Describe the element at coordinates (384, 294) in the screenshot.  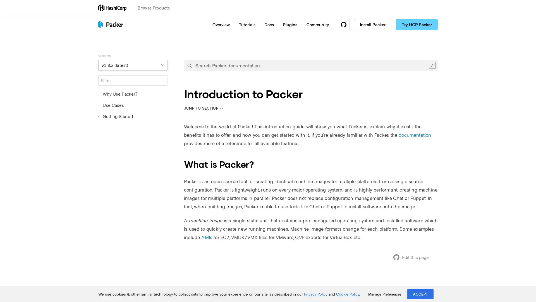
I see `Manage Preferences` at that location.